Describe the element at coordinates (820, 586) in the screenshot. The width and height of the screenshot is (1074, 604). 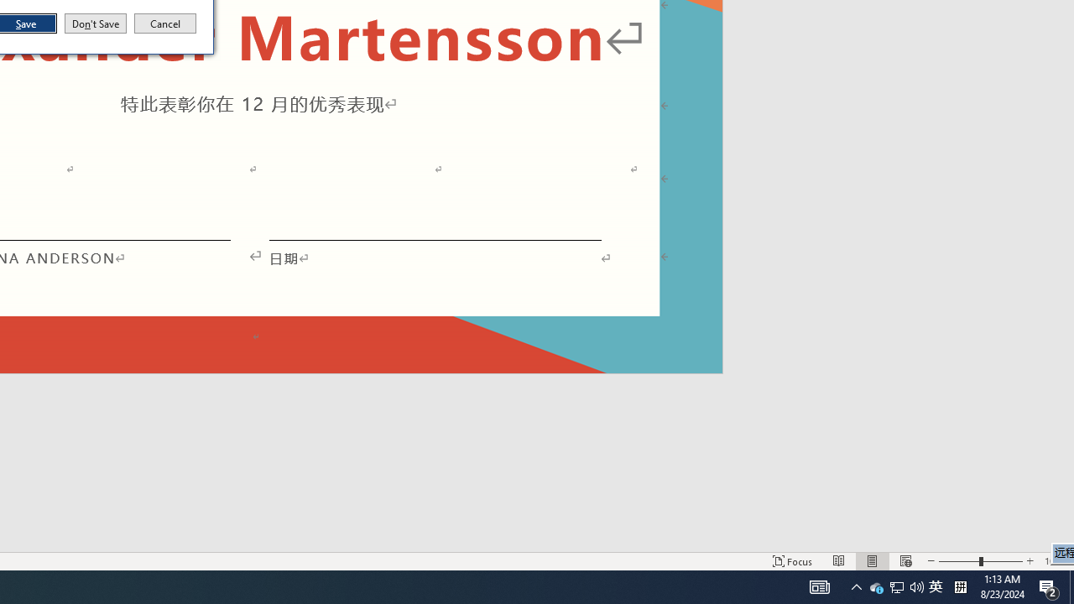
I see `'AutomationID: 4105'` at that location.